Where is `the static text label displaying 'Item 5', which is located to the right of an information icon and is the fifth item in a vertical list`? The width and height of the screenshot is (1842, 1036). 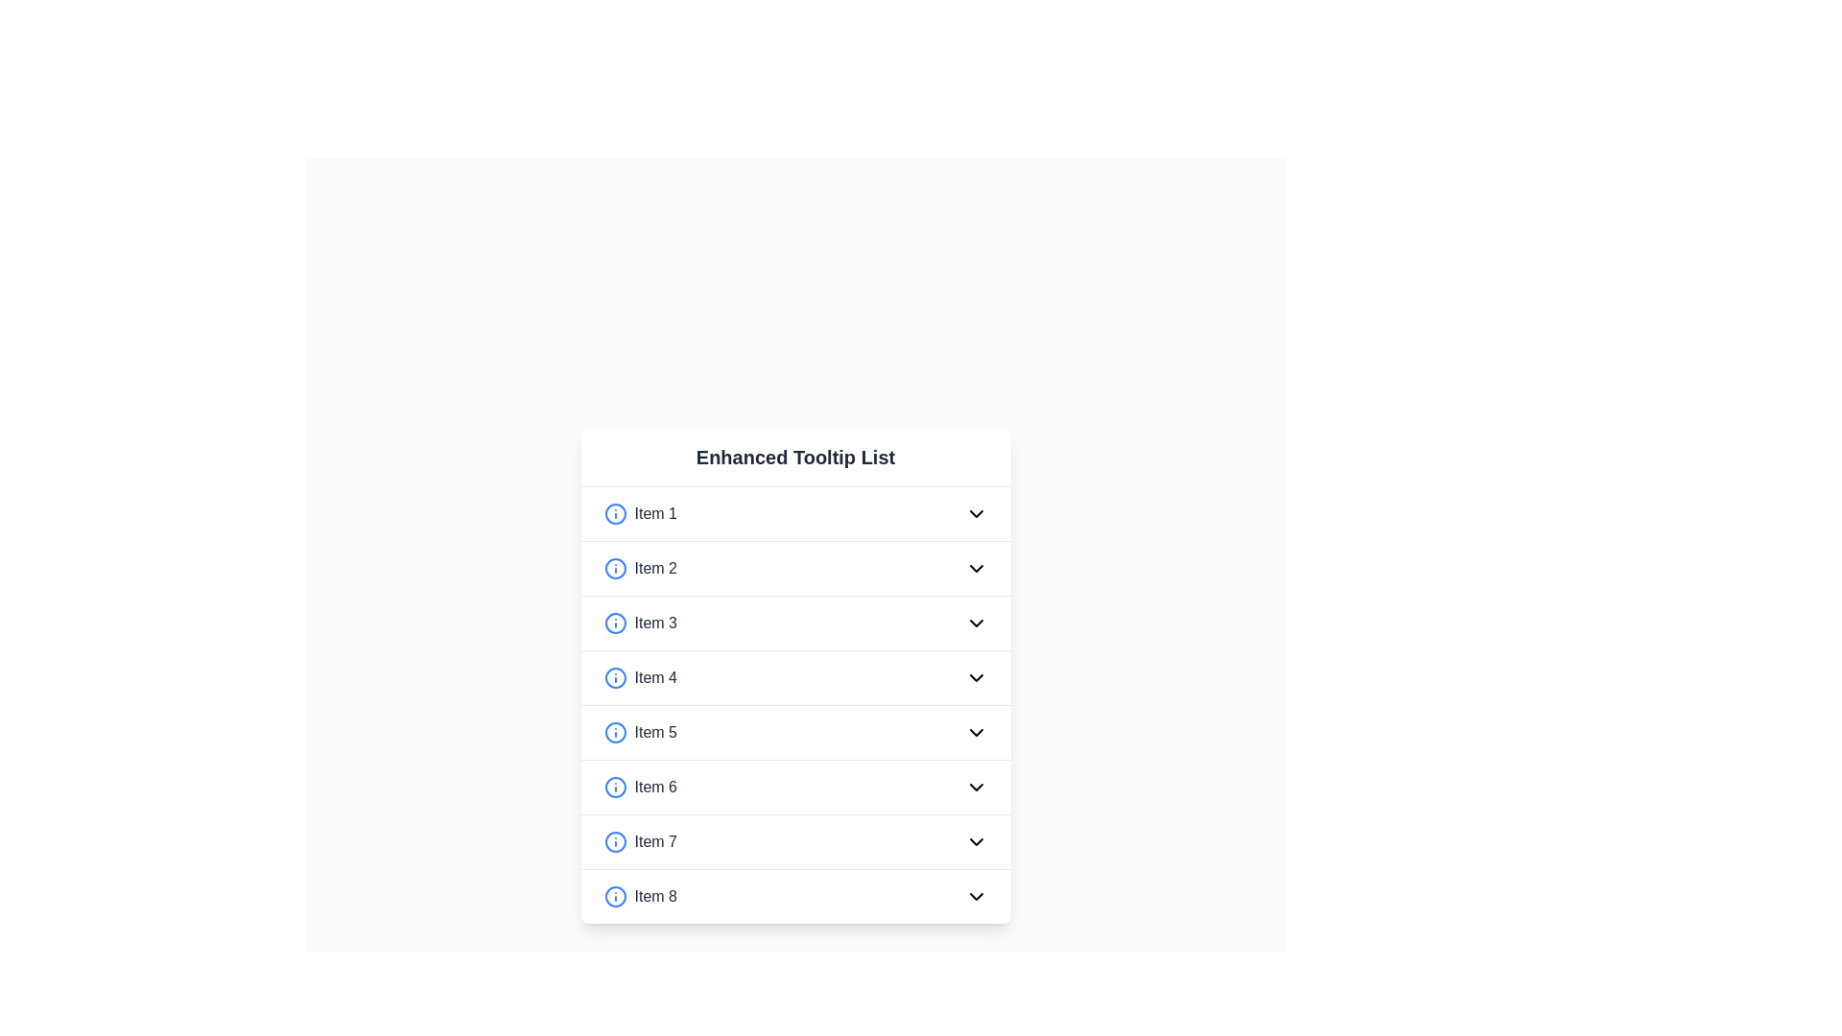 the static text label displaying 'Item 5', which is located to the right of an information icon and is the fifth item in a vertical list is located at coordinates (655, 732).